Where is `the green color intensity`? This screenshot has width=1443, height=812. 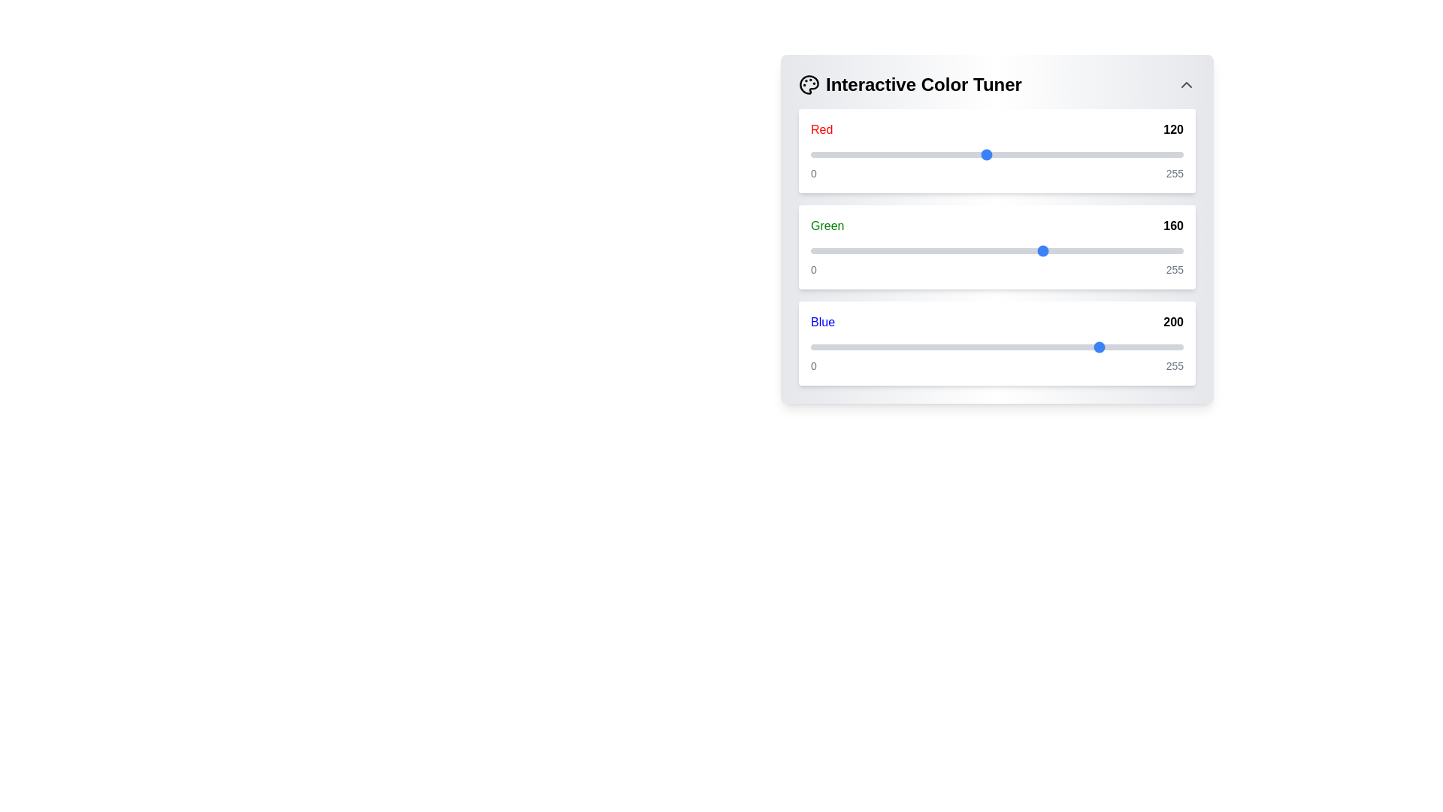 the green color intensity is located at coordinates (890, 250).